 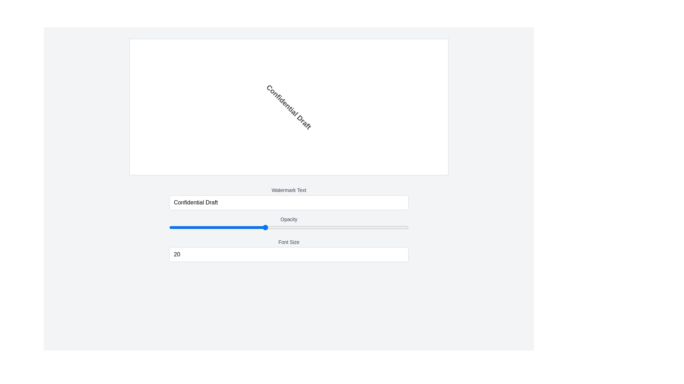 I want to click on the 'Font Size' numeric input field to focus on it, so click(x=289, y=250).